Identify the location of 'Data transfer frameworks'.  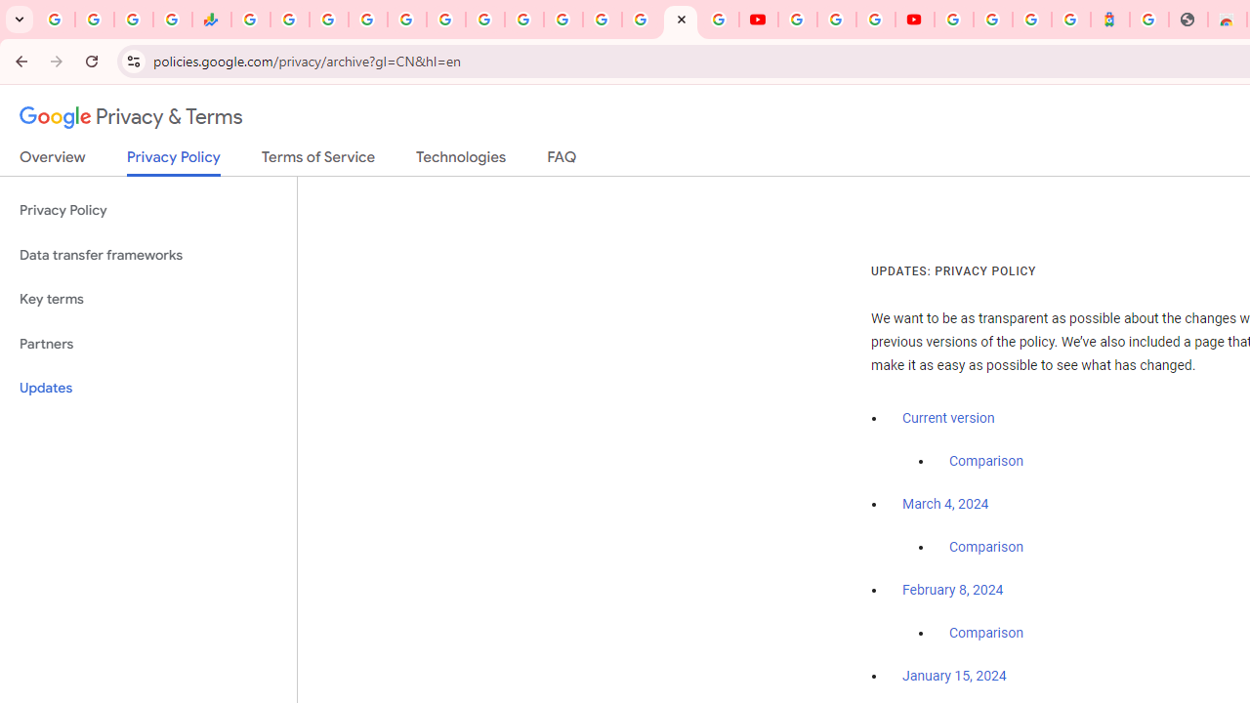
(147, 254).